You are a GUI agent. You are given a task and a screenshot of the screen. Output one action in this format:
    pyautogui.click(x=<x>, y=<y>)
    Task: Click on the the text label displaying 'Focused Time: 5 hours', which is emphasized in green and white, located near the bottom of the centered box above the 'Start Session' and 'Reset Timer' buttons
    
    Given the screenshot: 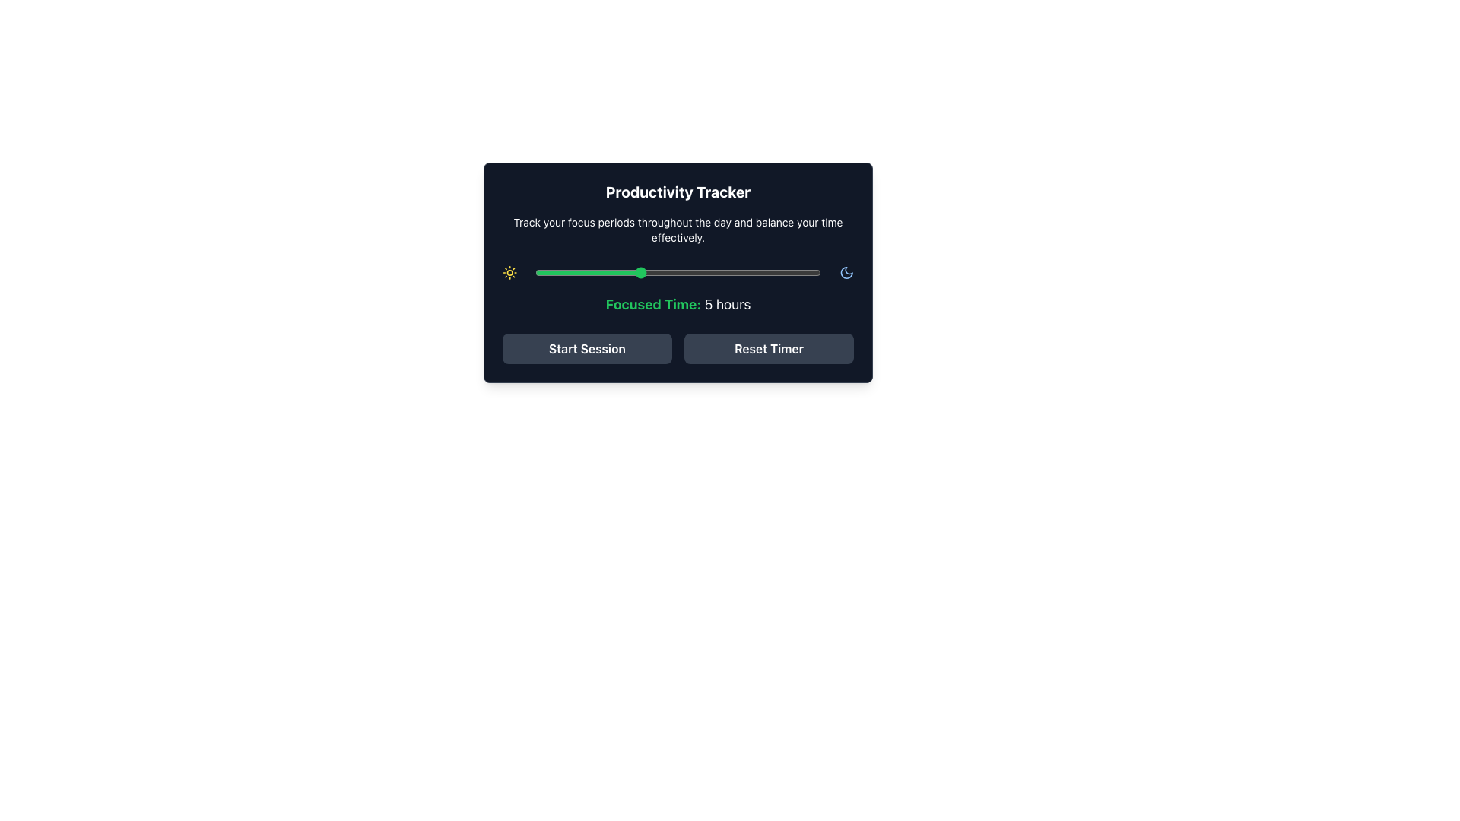 What is the action you would take?
    pyautogui.click(x=678, y=305)
    